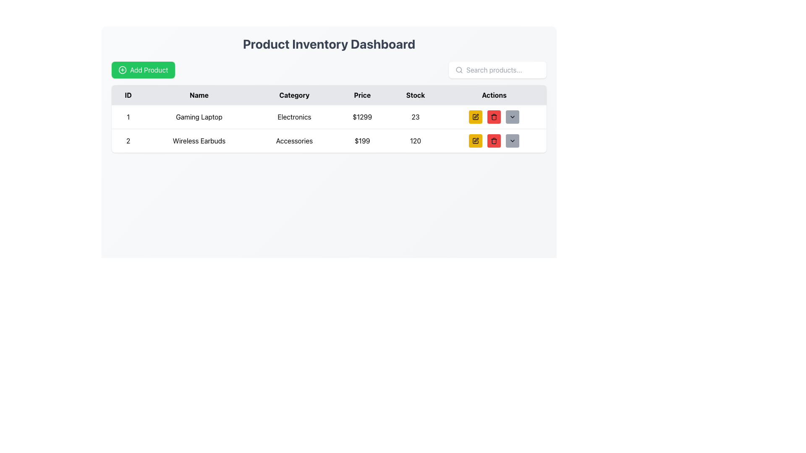 This screenshot has width=806, height=453. I want to click on the Dropdown toggle button, which is a gray circular button located in the 'Actions' column of the second row in the product inventory table, featuring a downward-facing chevron icon, so click(512, 117).